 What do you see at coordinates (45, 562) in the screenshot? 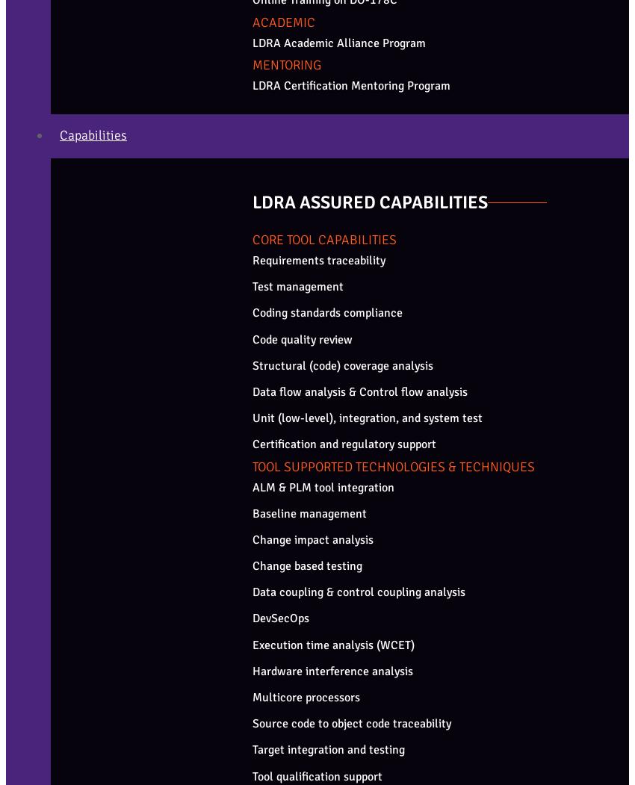
I see `'+91 80 4080 8707'` at bounding box center [45, 562].